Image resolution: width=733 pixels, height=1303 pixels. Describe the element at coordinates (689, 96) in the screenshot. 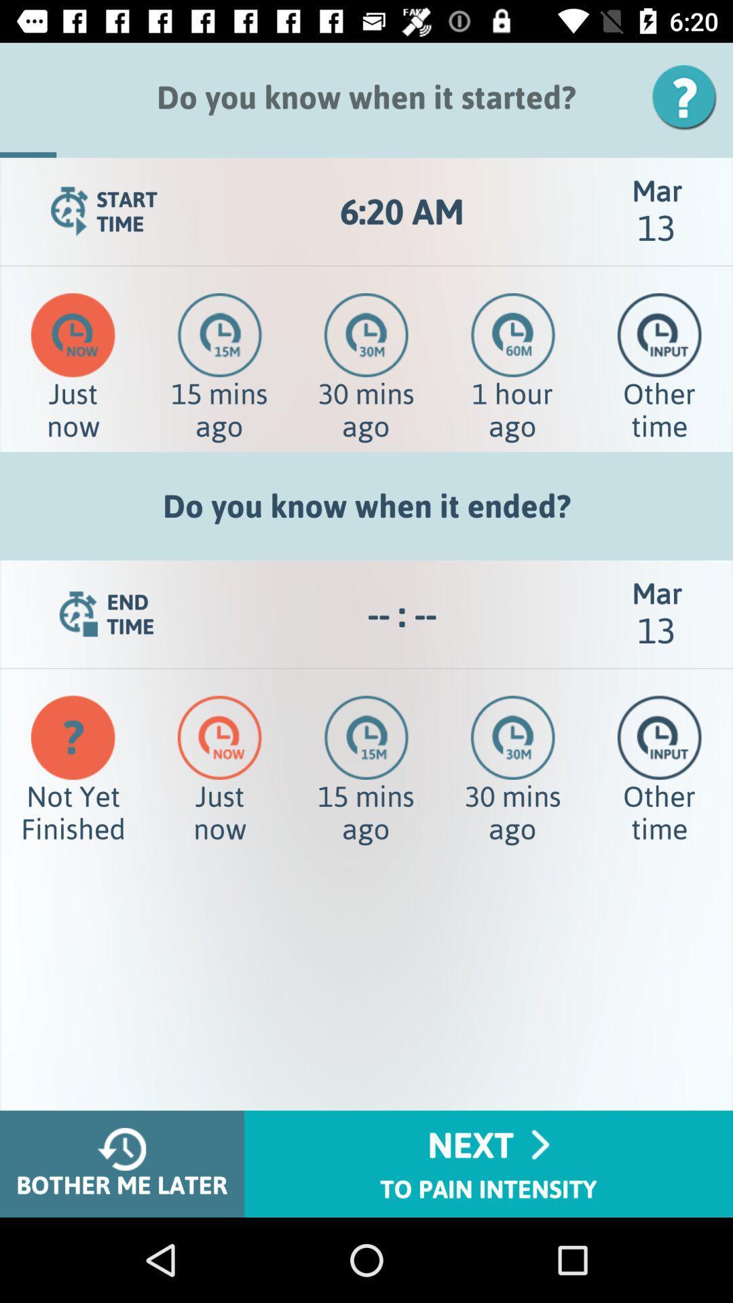

I see `a help button` at that location.